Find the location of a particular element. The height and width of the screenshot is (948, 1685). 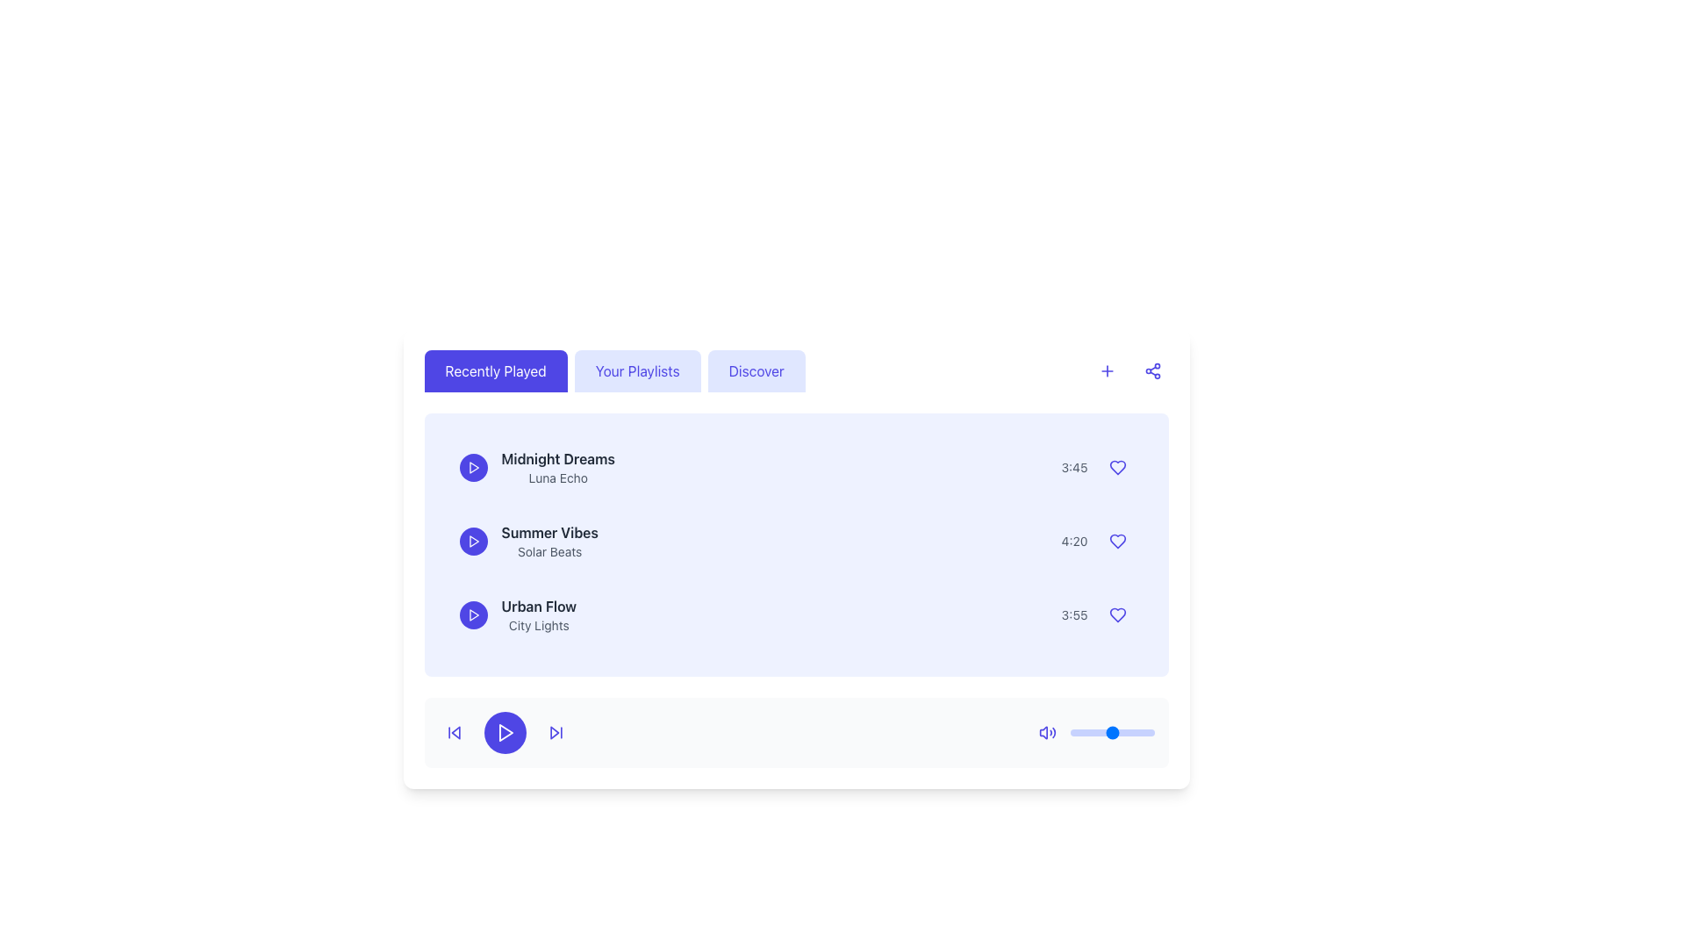

the 'Your Playlists' navigation tab, which has a light blue background and indigo text is located at coordinates (614, 370).